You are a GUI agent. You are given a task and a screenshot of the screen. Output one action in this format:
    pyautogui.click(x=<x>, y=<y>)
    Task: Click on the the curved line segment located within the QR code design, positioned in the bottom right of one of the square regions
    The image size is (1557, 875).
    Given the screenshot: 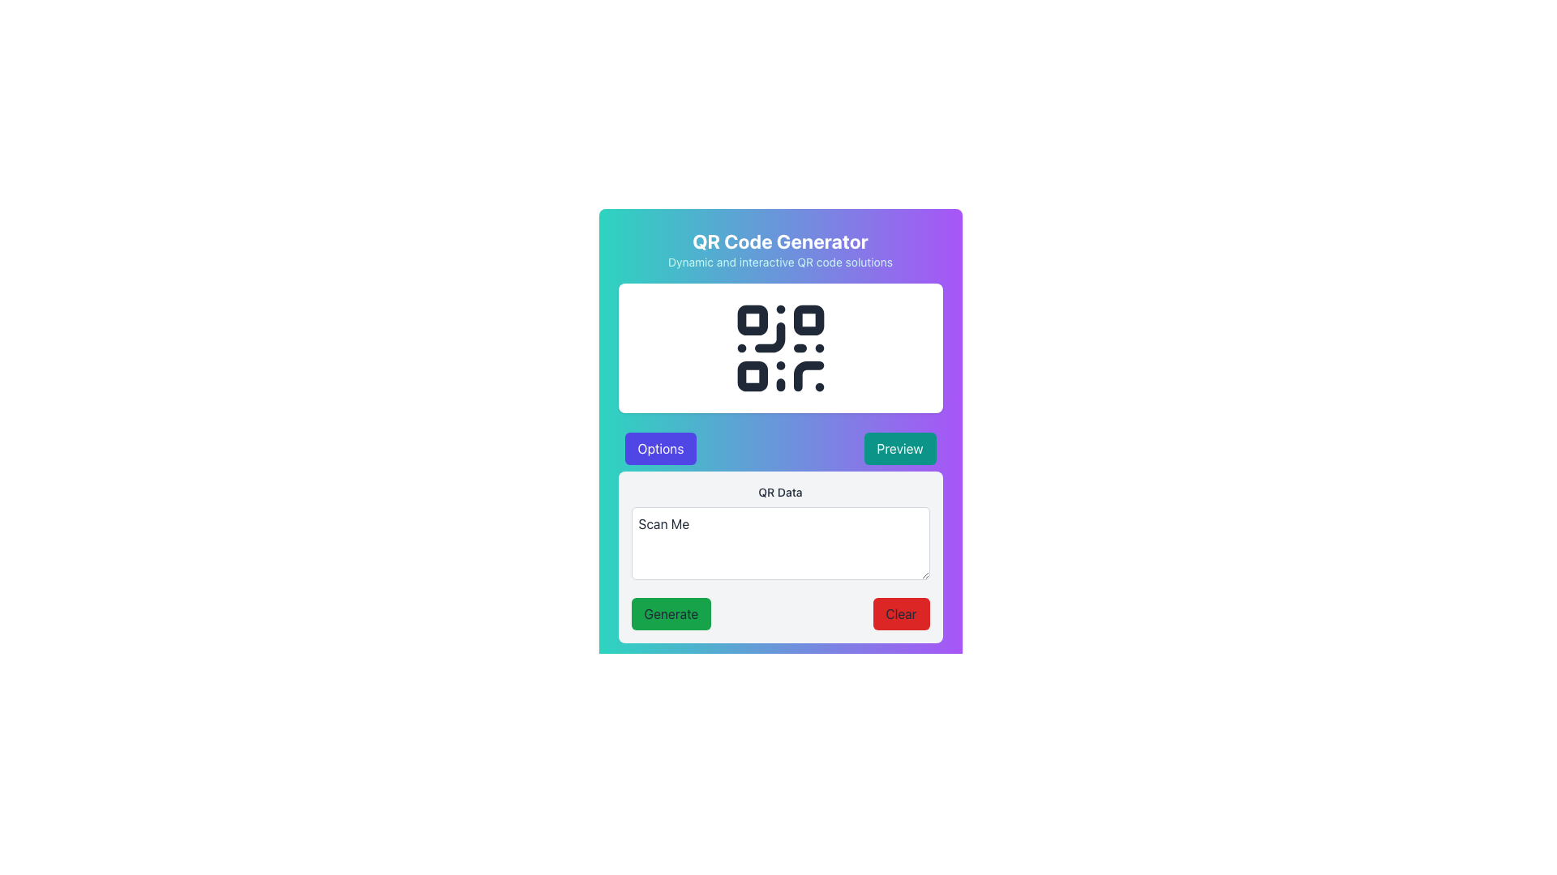 What is the action you would take?
    pyautogui.click(x=769, y=336)
    